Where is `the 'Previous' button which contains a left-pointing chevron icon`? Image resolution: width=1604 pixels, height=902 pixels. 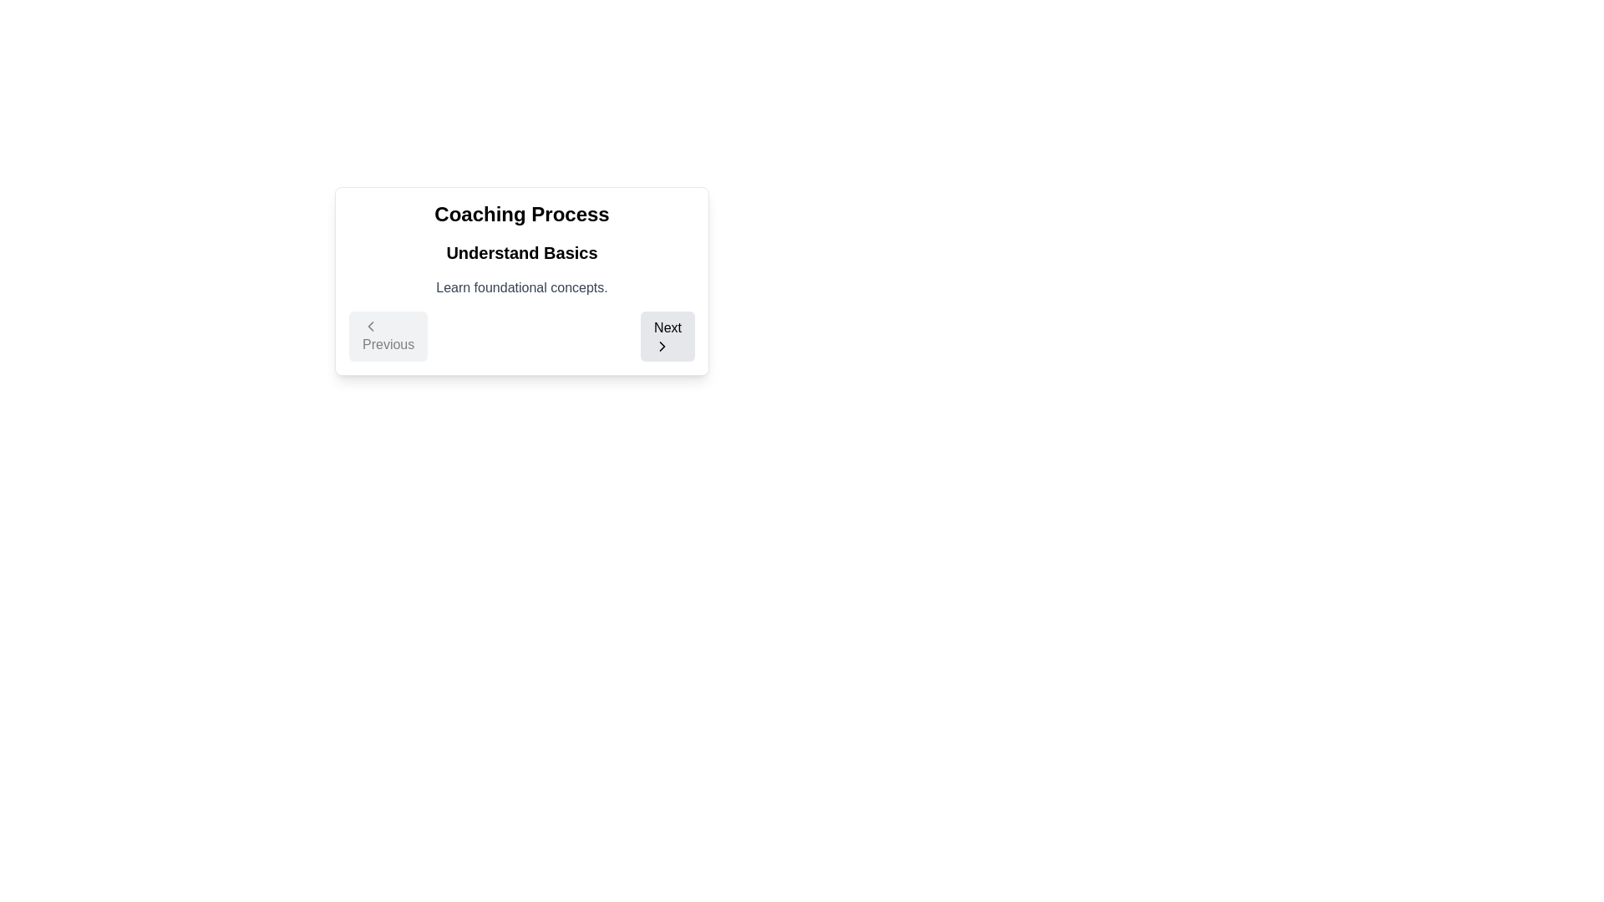 the 'Previous' button which contains a left-pointing chevron icon is located at coordinates (370, 326).